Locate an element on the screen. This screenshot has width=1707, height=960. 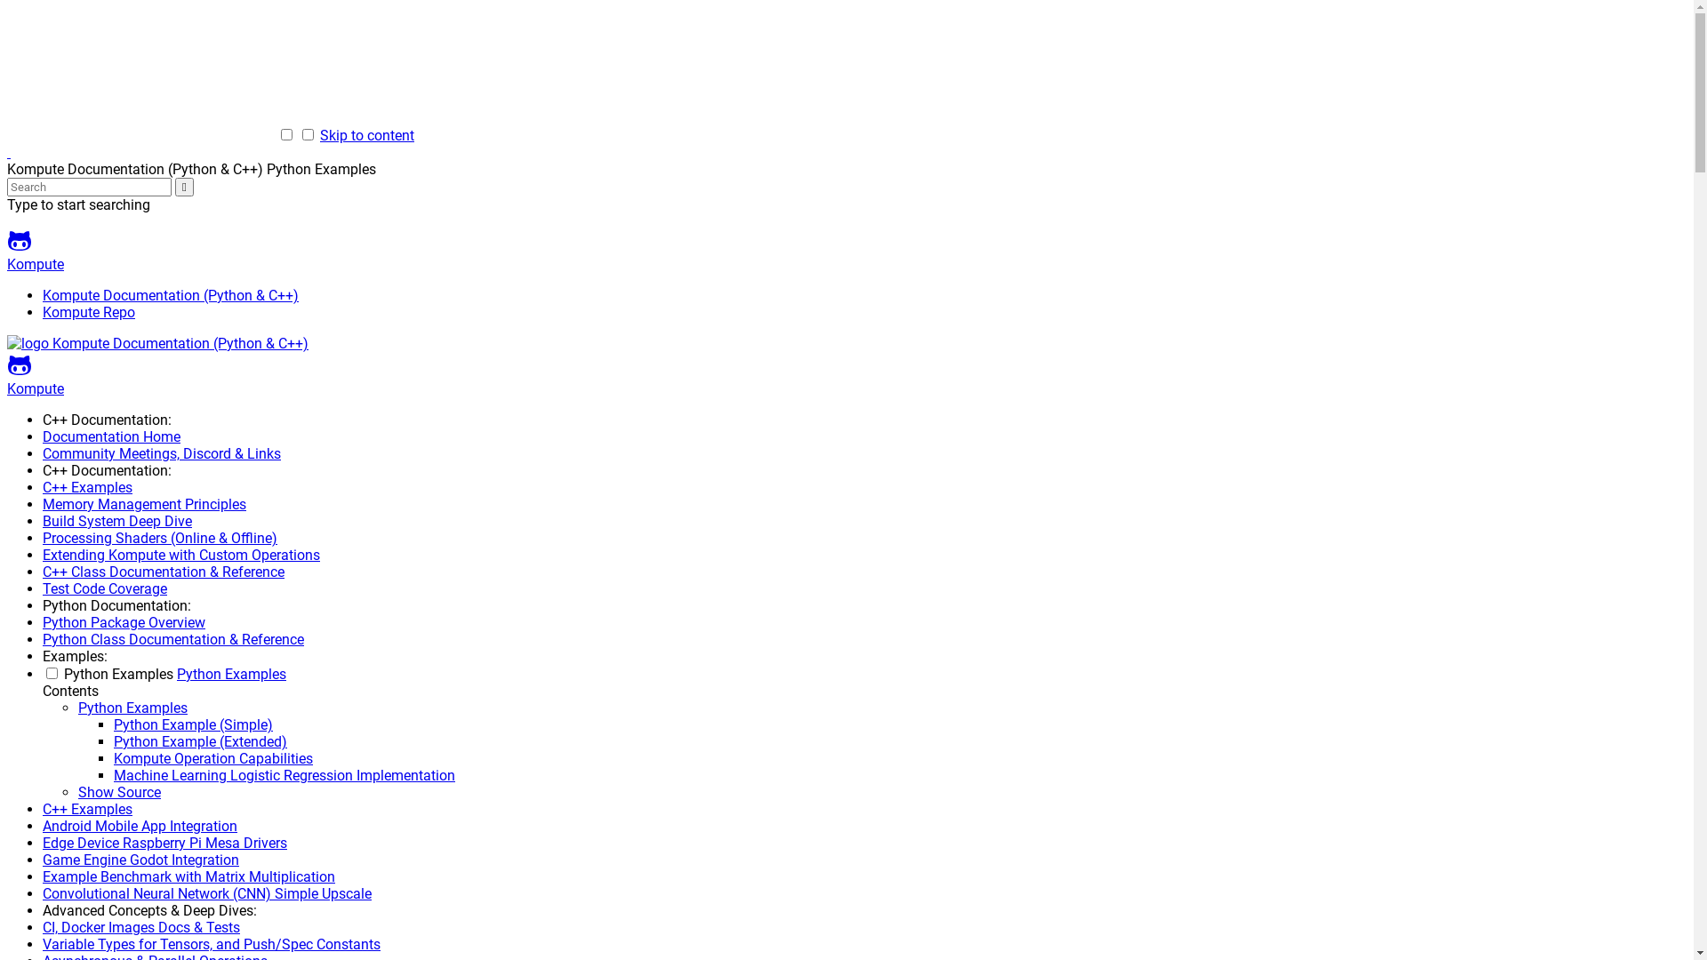
'Build System Deep Dive' is located at coordinates (116, 520).